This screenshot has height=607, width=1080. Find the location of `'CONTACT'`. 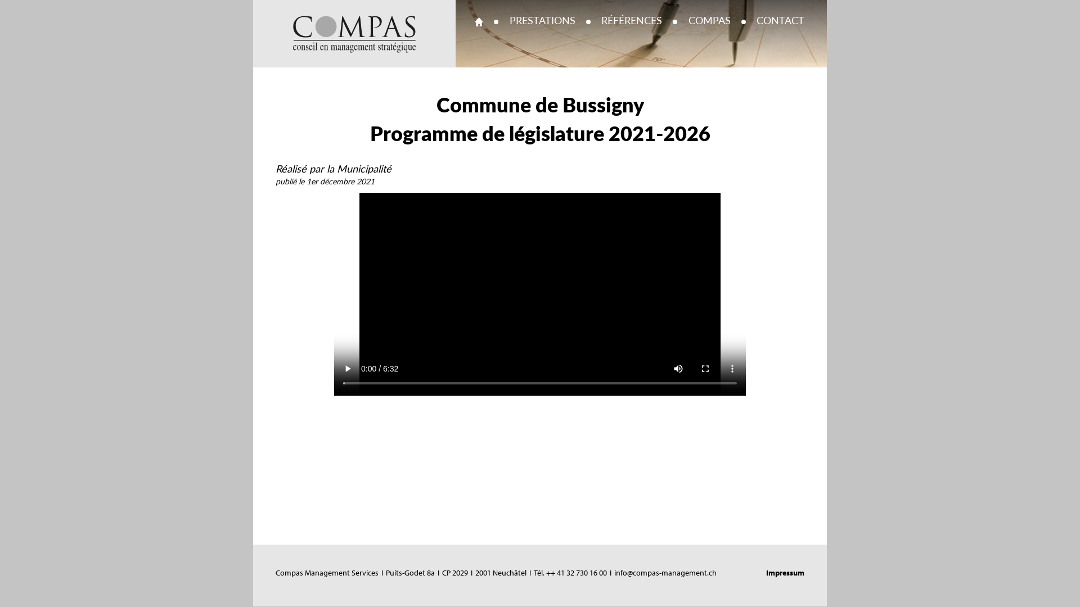

'CONTACT' is located at coordinates (780, 21).